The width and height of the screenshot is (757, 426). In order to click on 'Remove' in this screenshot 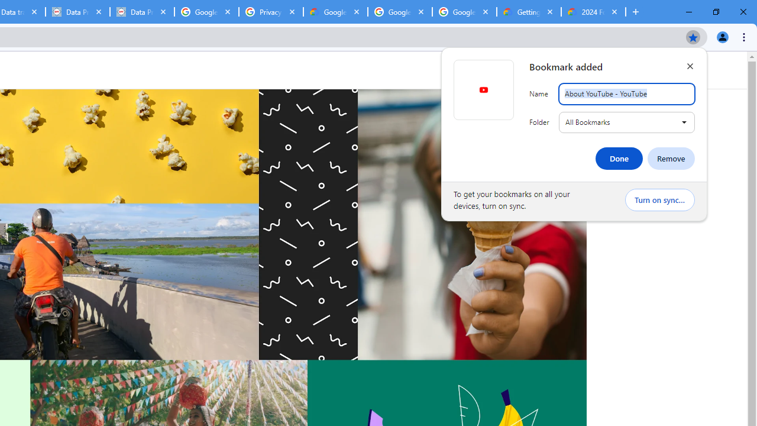, I will do `click(671, 158)`.